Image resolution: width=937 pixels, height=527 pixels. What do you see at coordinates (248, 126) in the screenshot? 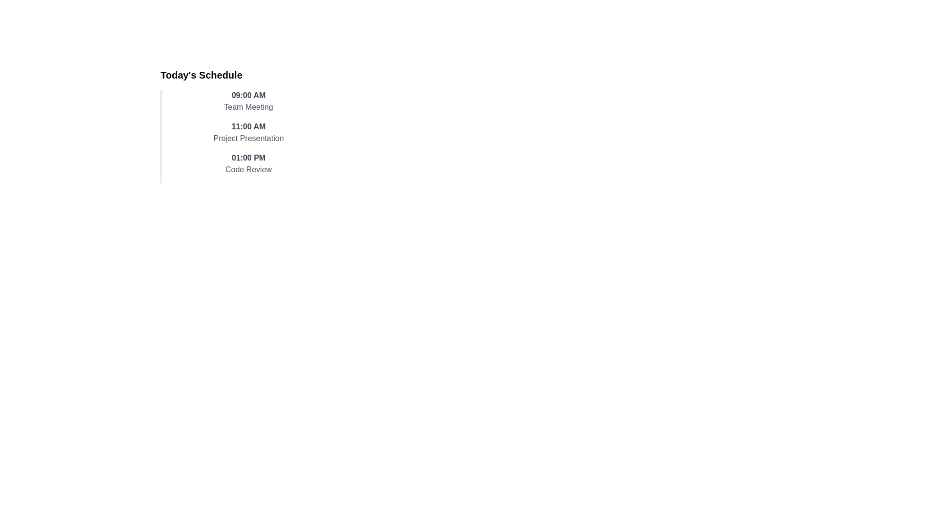
I see `the static text indicating the second time slot in the vertical schedule list, located just above the 'Project Presentation' label` at bounding box center [248, 126].